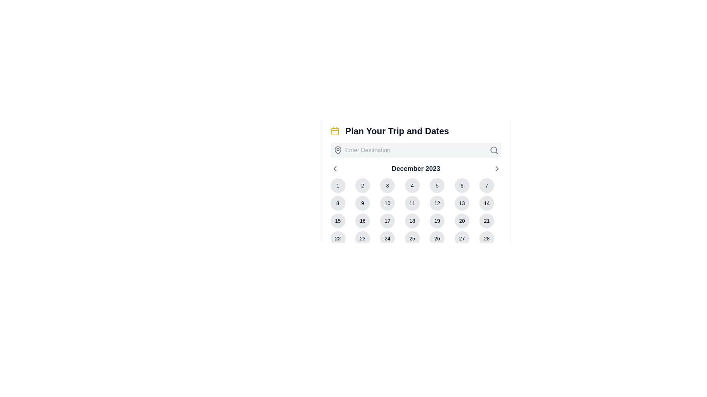  Describe the element at coordinates (416, 169) in the screenshot. I see `the static text element displaying the current month and year in the calendar widget` at that location.